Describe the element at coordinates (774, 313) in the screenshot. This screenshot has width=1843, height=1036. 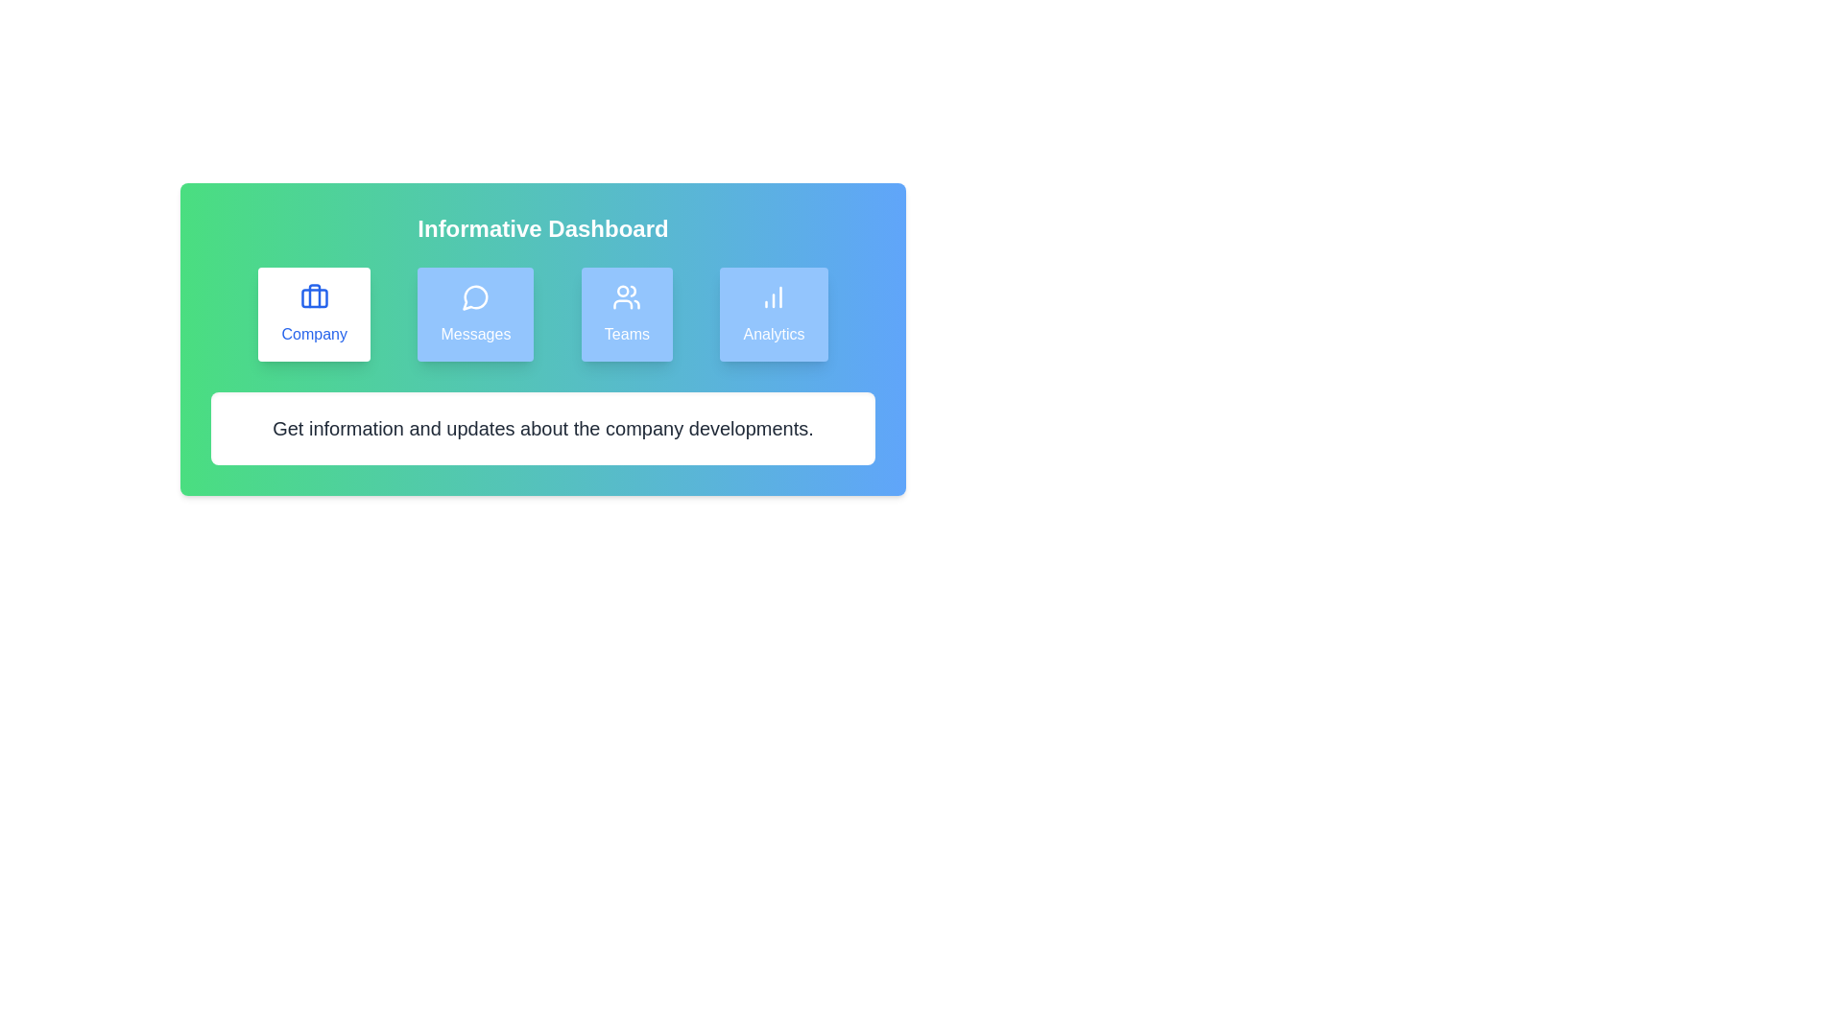
I see `the 'Analytics' navigation button, which is the fourth button from the left in the row under 'Informative Dashboard', to trigger hover effects` at that location.